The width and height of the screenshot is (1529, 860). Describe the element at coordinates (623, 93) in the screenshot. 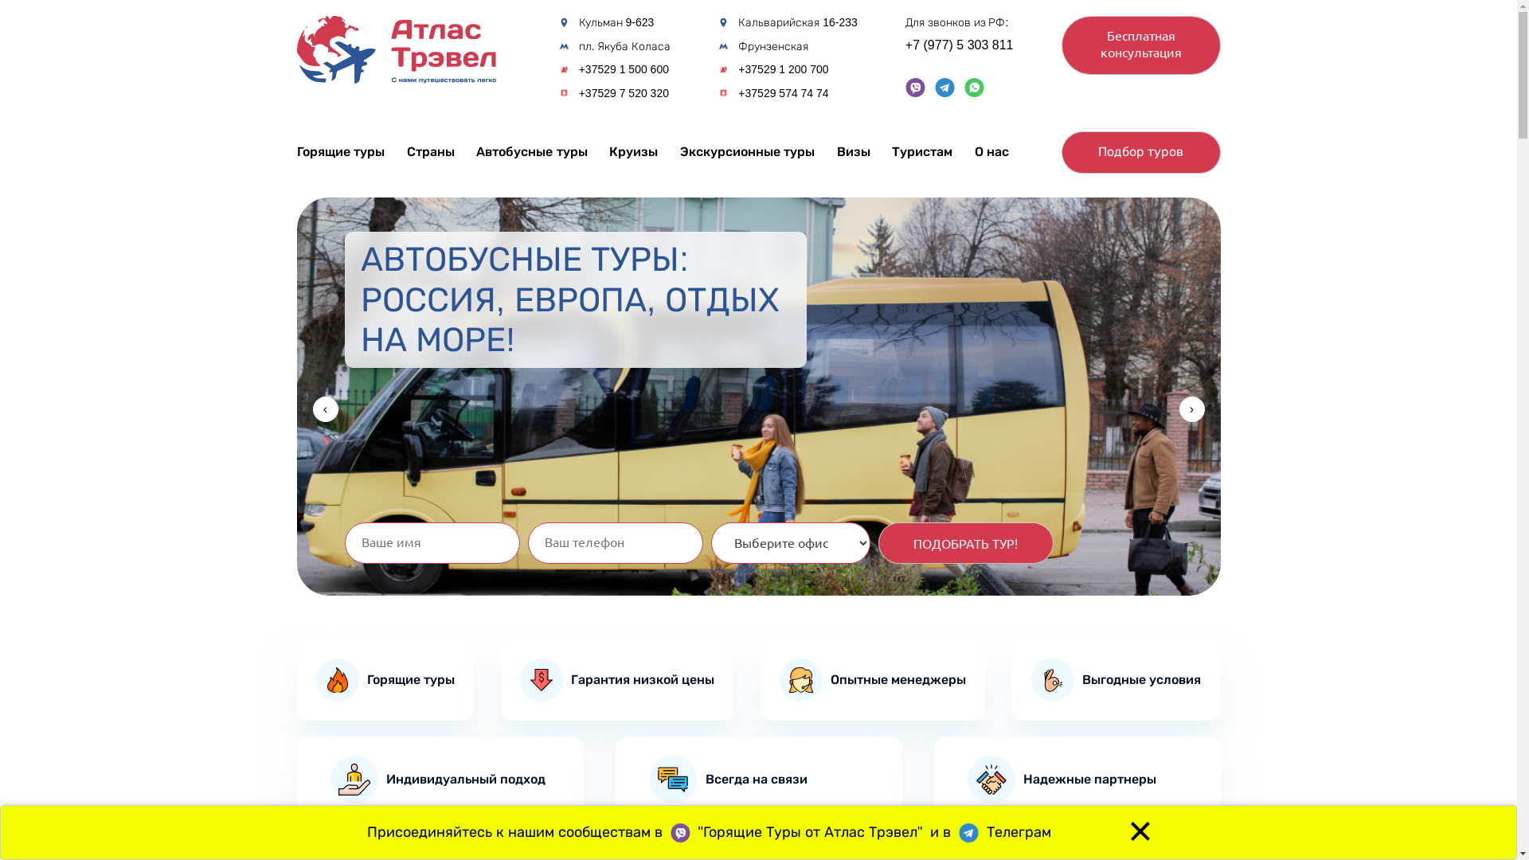

I see `'+37529 7 520 320'` at that location.